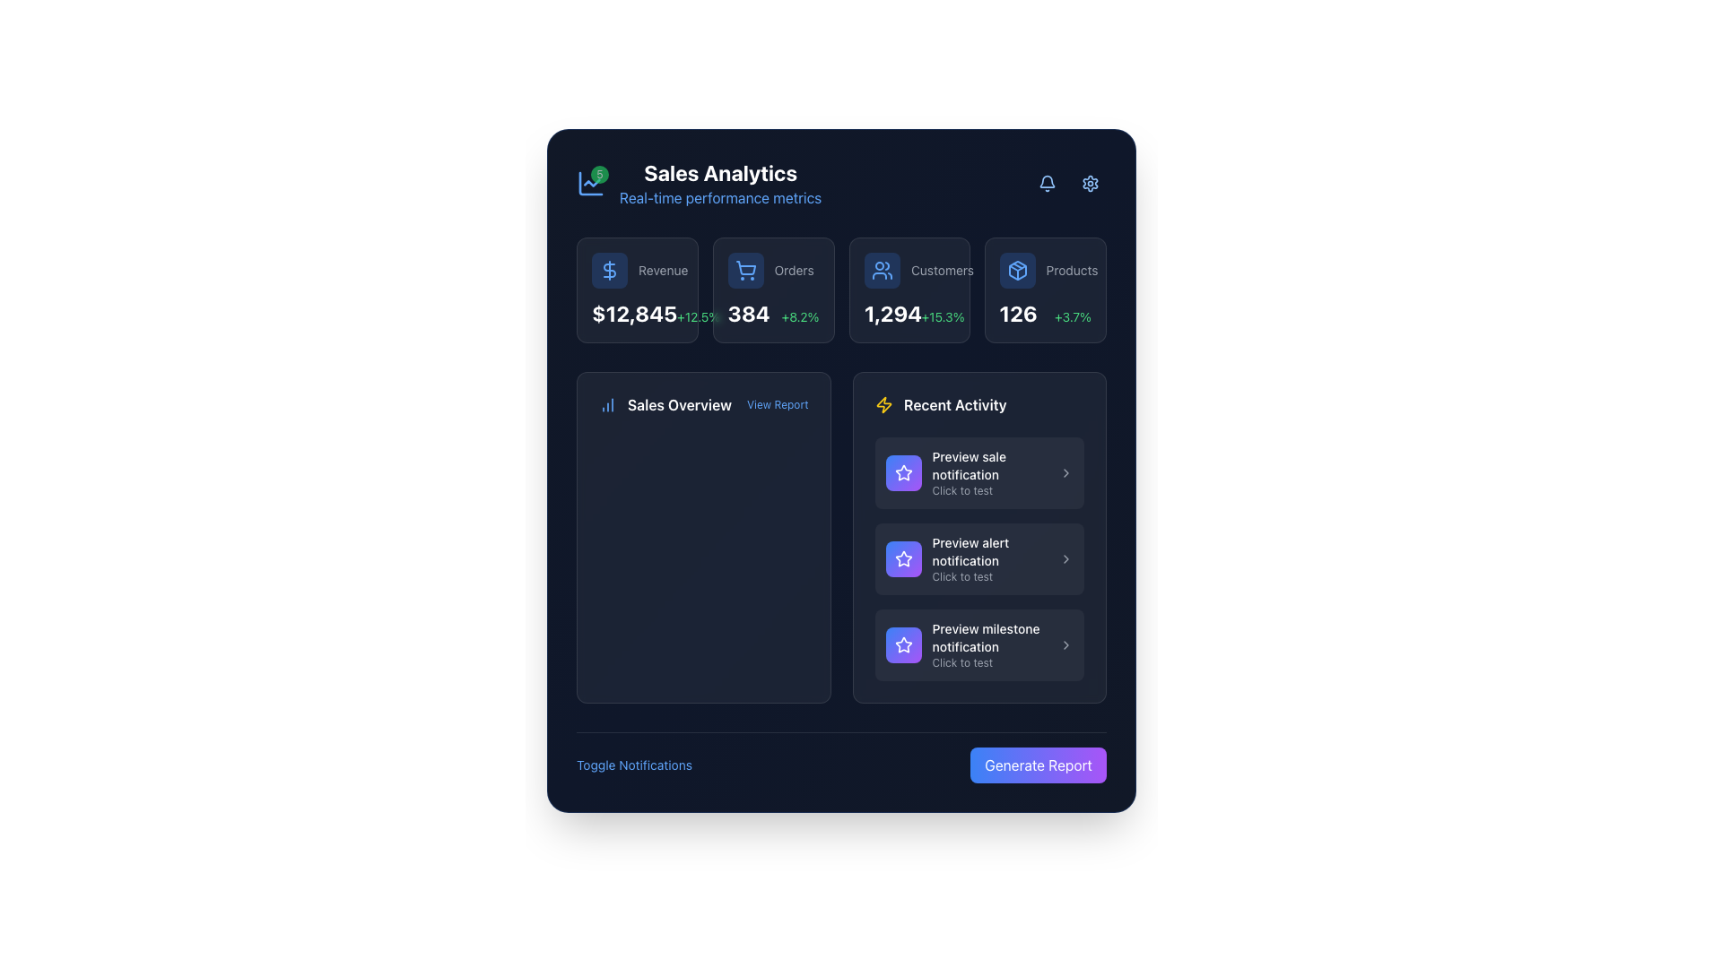 Image resolution: width=1722 pixels, height=968 pixels. I want to click on the second clickable card in the 'Recent Activity' section to test or preview the alert notification, so click(978, 558).